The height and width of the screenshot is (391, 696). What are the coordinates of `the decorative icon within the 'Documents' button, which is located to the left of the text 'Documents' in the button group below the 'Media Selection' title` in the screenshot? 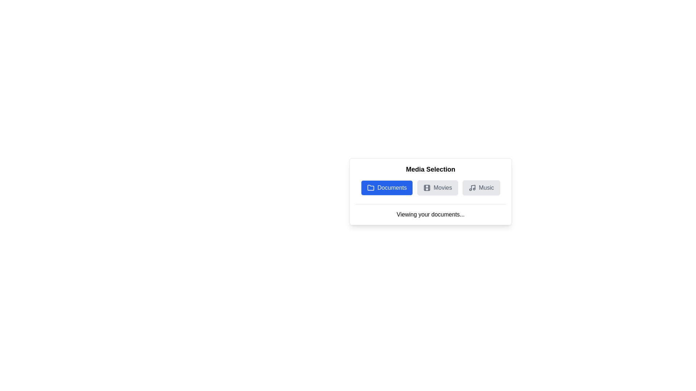 It's located at (371, 188).